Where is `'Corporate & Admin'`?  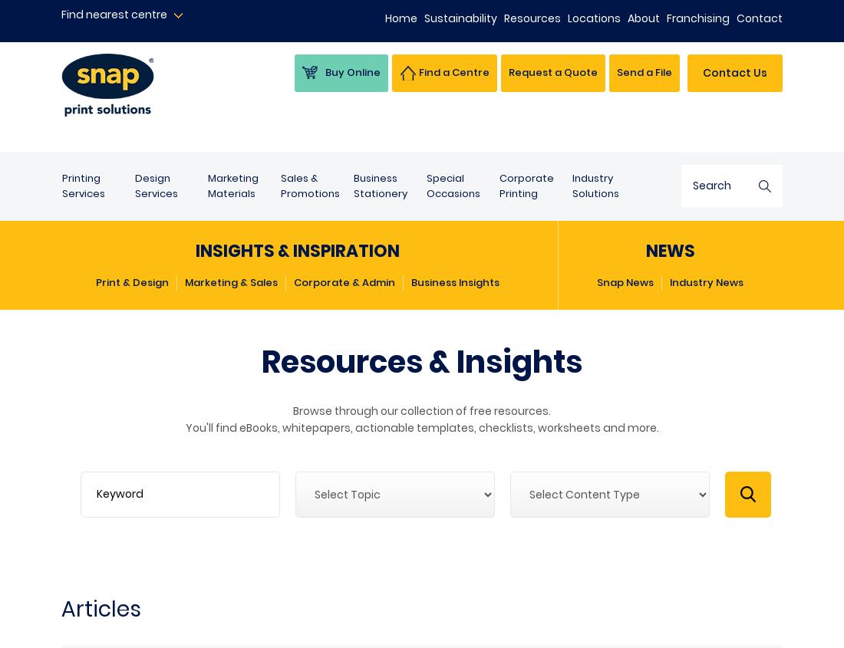
'Corporate & Admin' is located at coordinates (344, 281).